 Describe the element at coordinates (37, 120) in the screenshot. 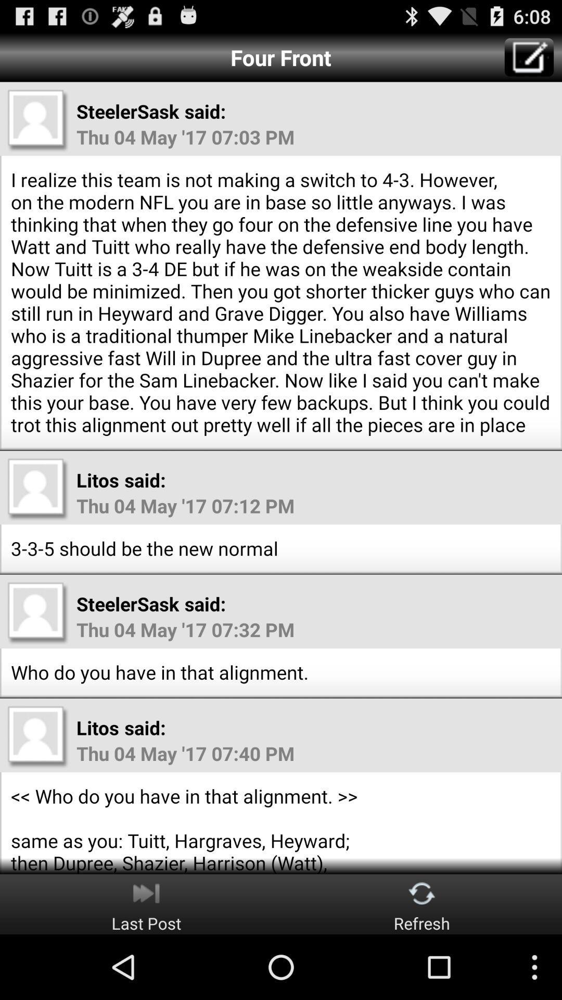

I see `avatar` at that location.